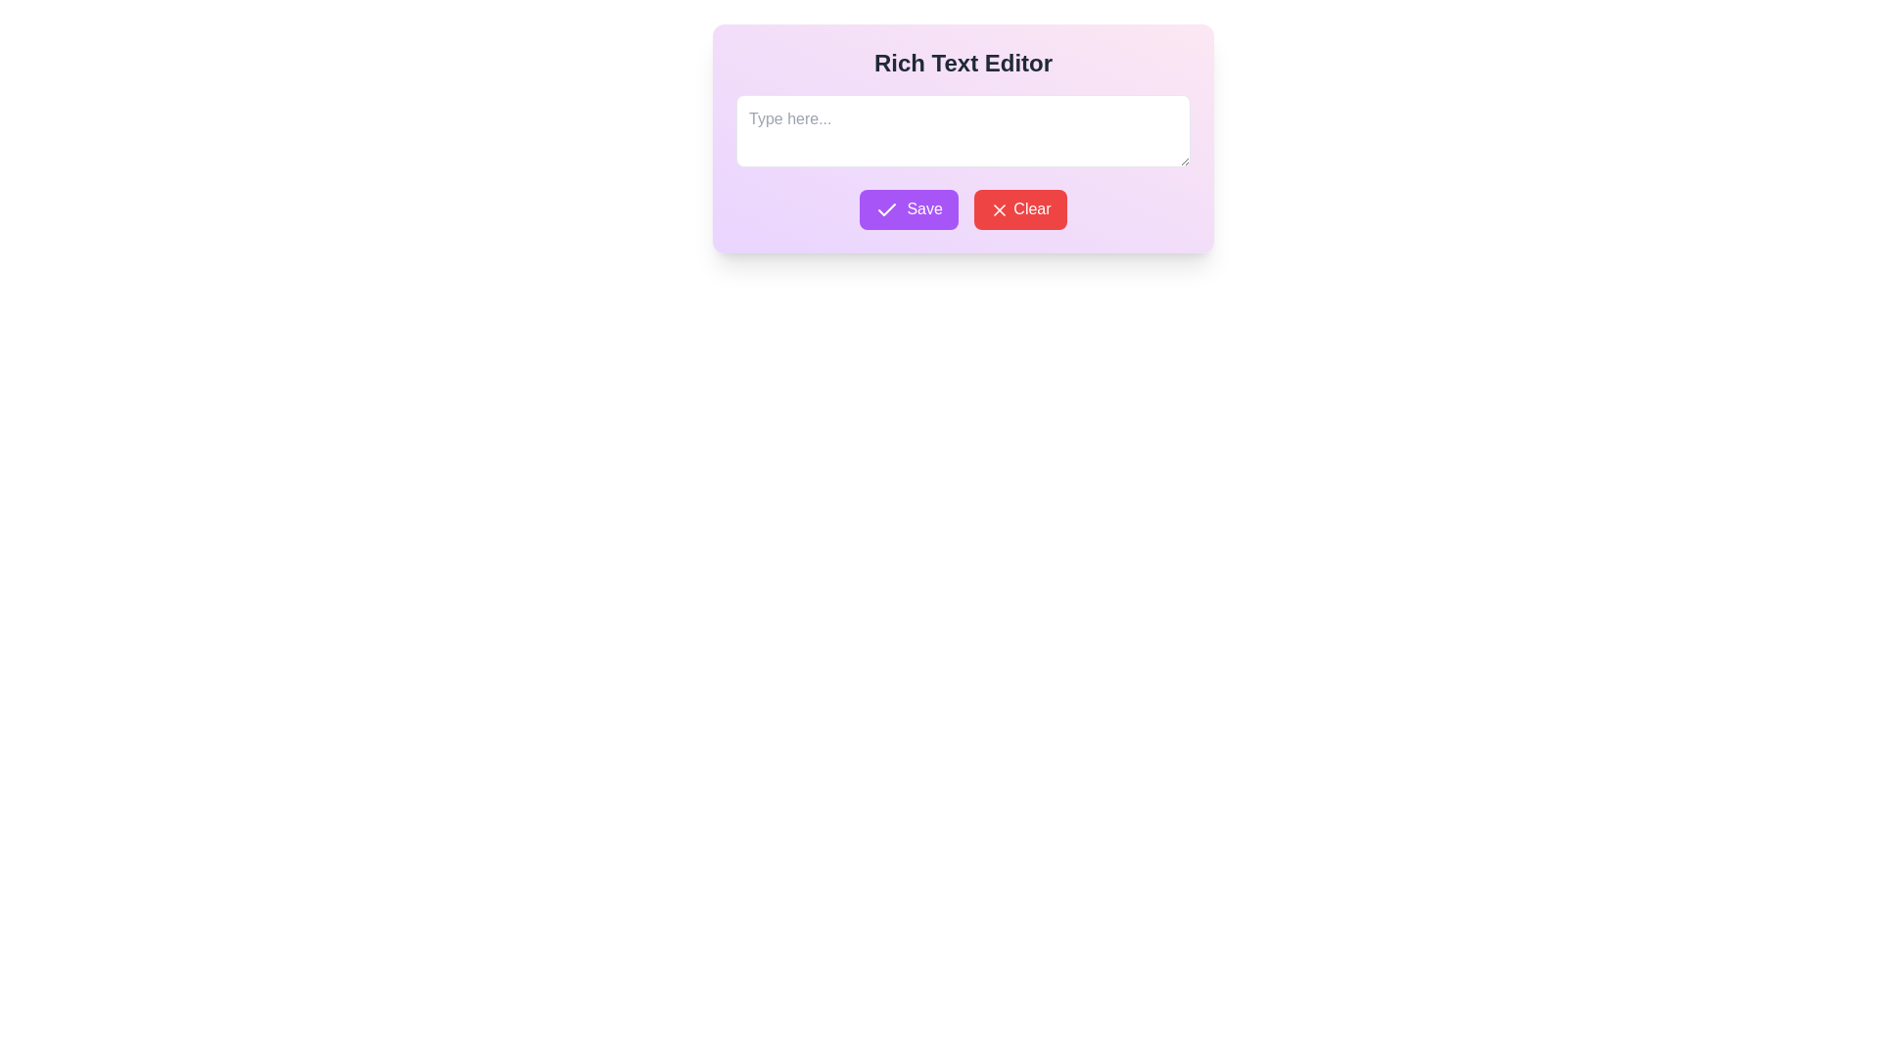 This screenshot has height=1057, width=1880. I want to click on title label located at the top-center of the card layout, which serves as a header for the section, so click(963, 63).